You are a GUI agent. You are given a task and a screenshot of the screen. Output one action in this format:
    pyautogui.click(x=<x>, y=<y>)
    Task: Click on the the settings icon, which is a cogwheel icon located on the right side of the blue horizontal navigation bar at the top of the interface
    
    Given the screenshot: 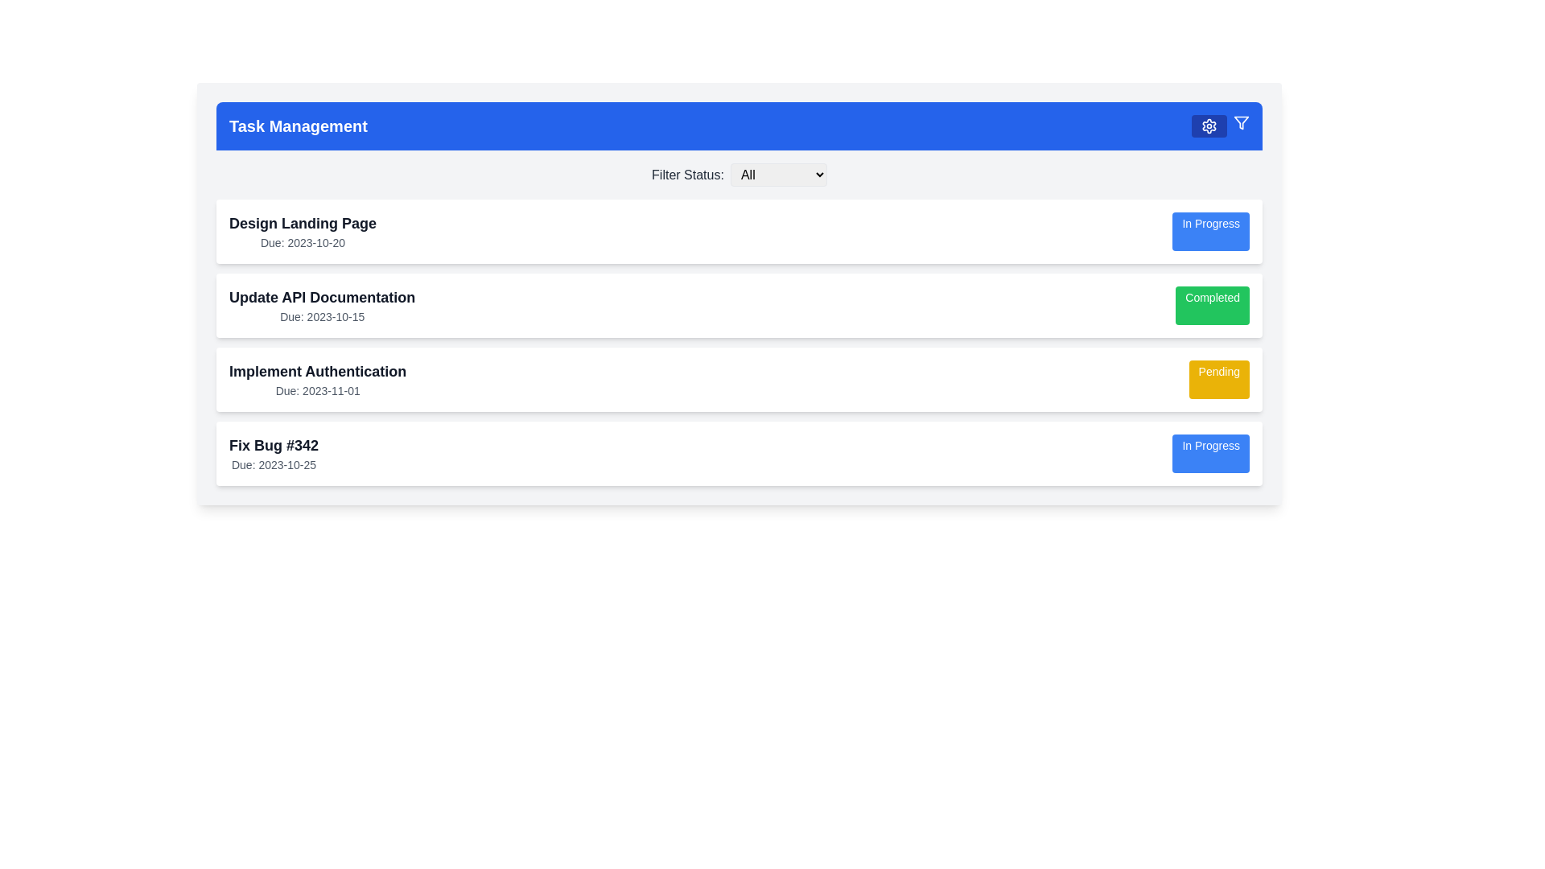 What is the action you would take?
    pyautogui.click(x=1209, y=126)
    